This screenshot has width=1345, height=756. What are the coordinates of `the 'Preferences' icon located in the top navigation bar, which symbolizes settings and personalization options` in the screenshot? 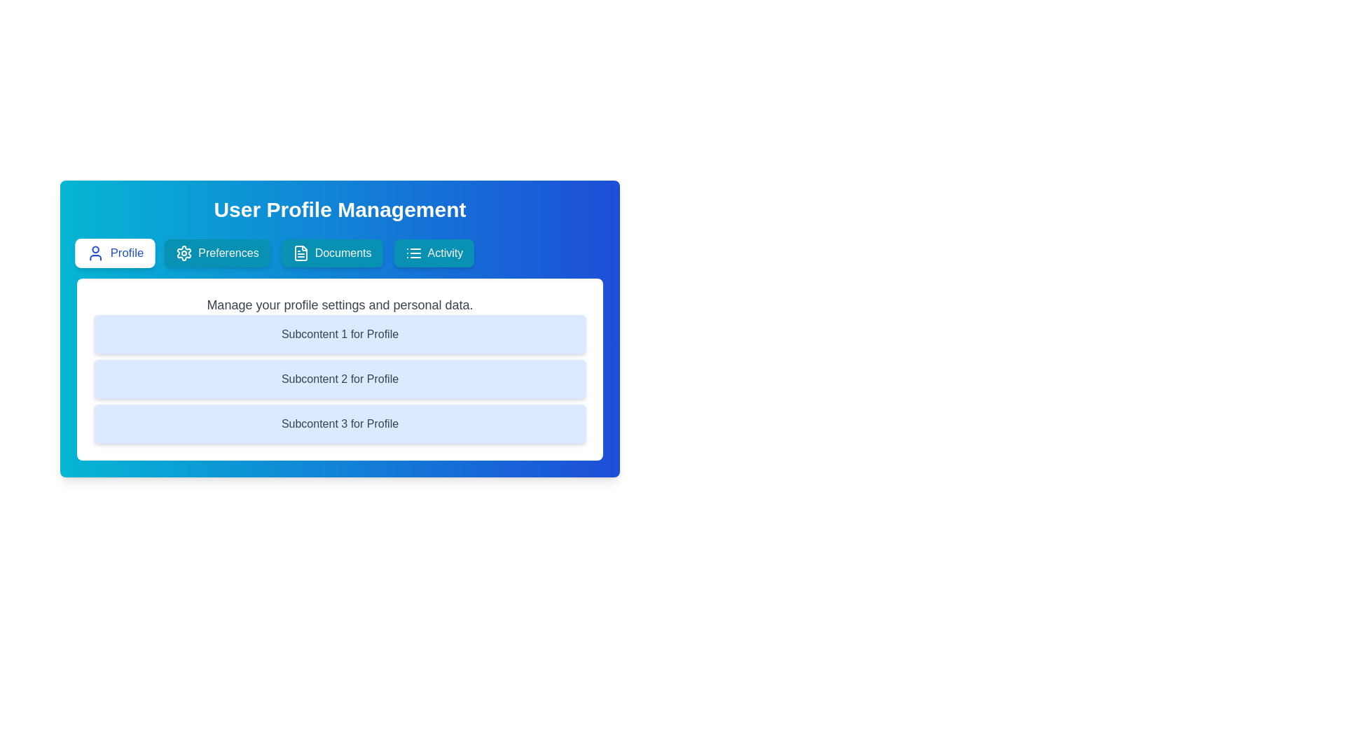 It's located at (184, 253).